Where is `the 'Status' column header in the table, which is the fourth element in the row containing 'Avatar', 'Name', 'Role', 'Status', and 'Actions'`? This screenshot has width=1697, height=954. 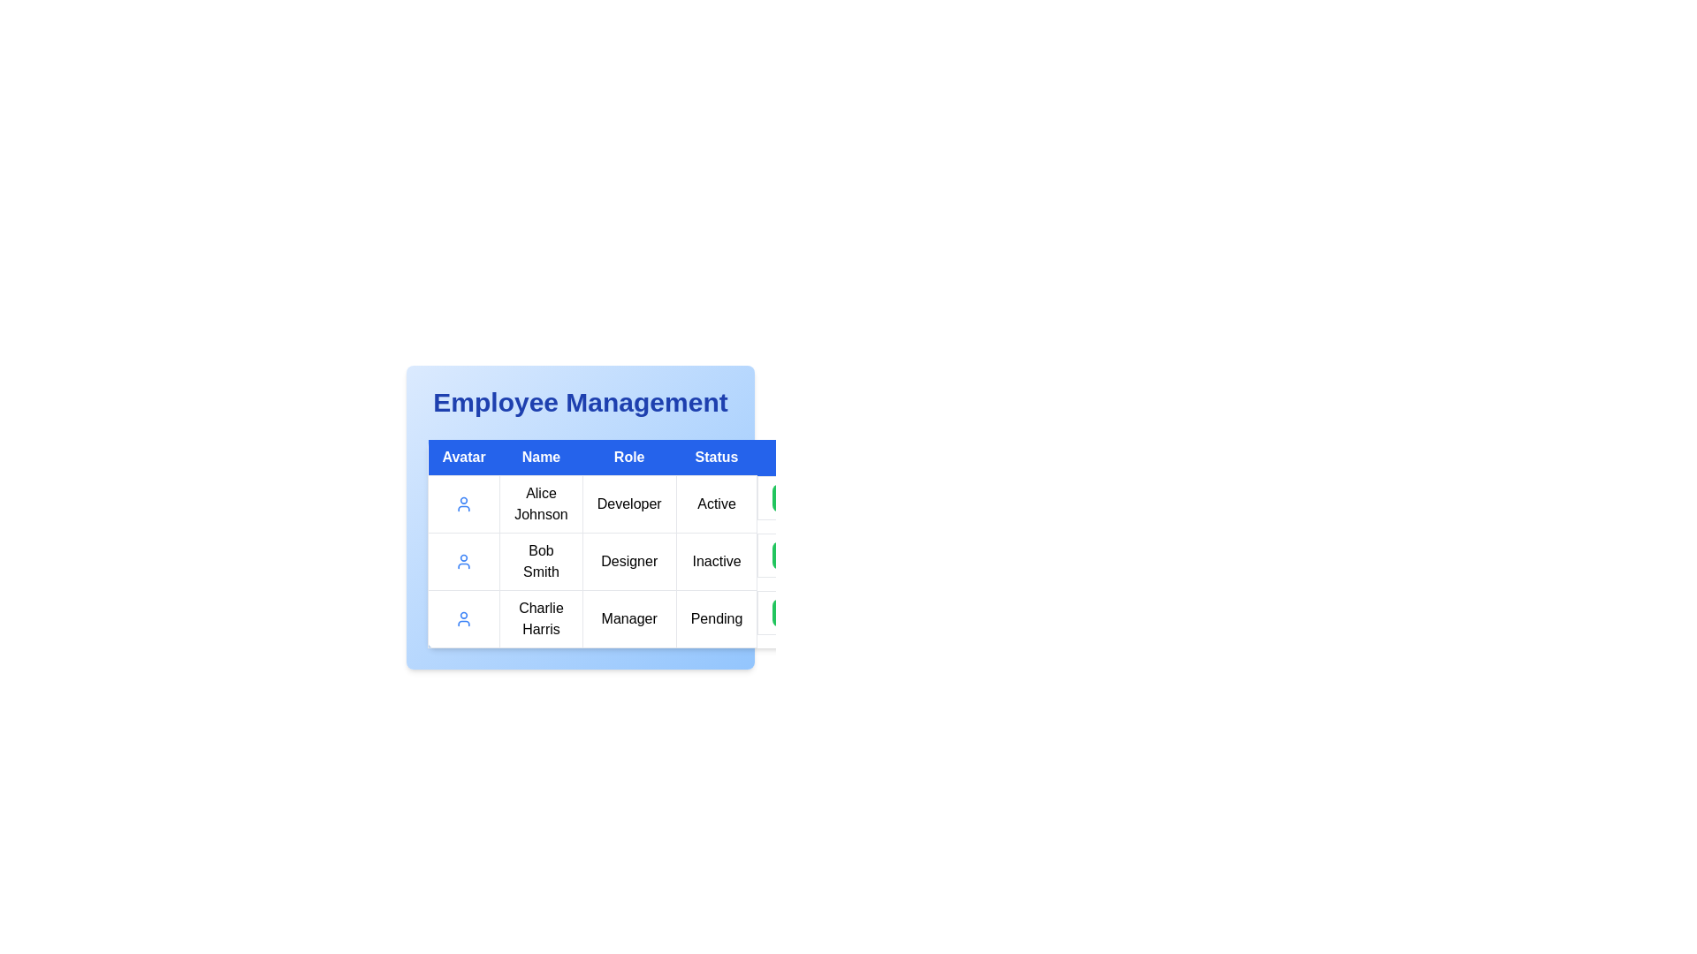
the 'Status' column header in the table, which is the fourth element in the row containing 'Avatar', 'Name', 'Role', 'Status', and 'Actions' is located at coordinates (717, 457).